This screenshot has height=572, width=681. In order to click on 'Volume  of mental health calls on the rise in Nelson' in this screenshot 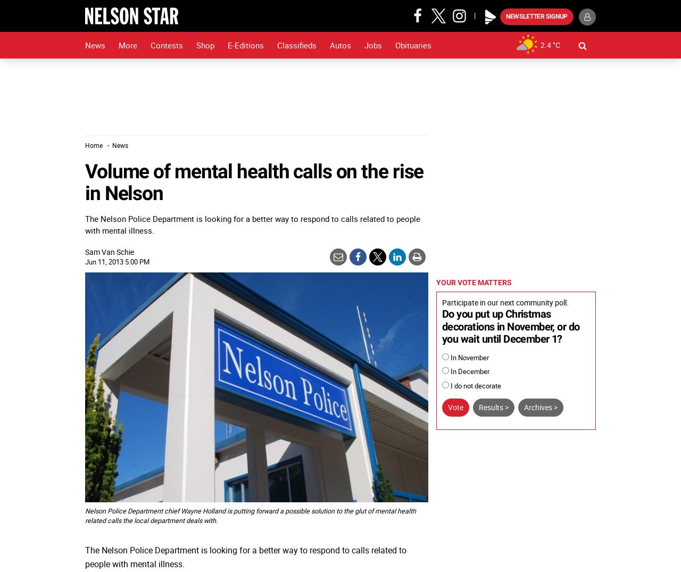, I will do `click(253, 181)`.